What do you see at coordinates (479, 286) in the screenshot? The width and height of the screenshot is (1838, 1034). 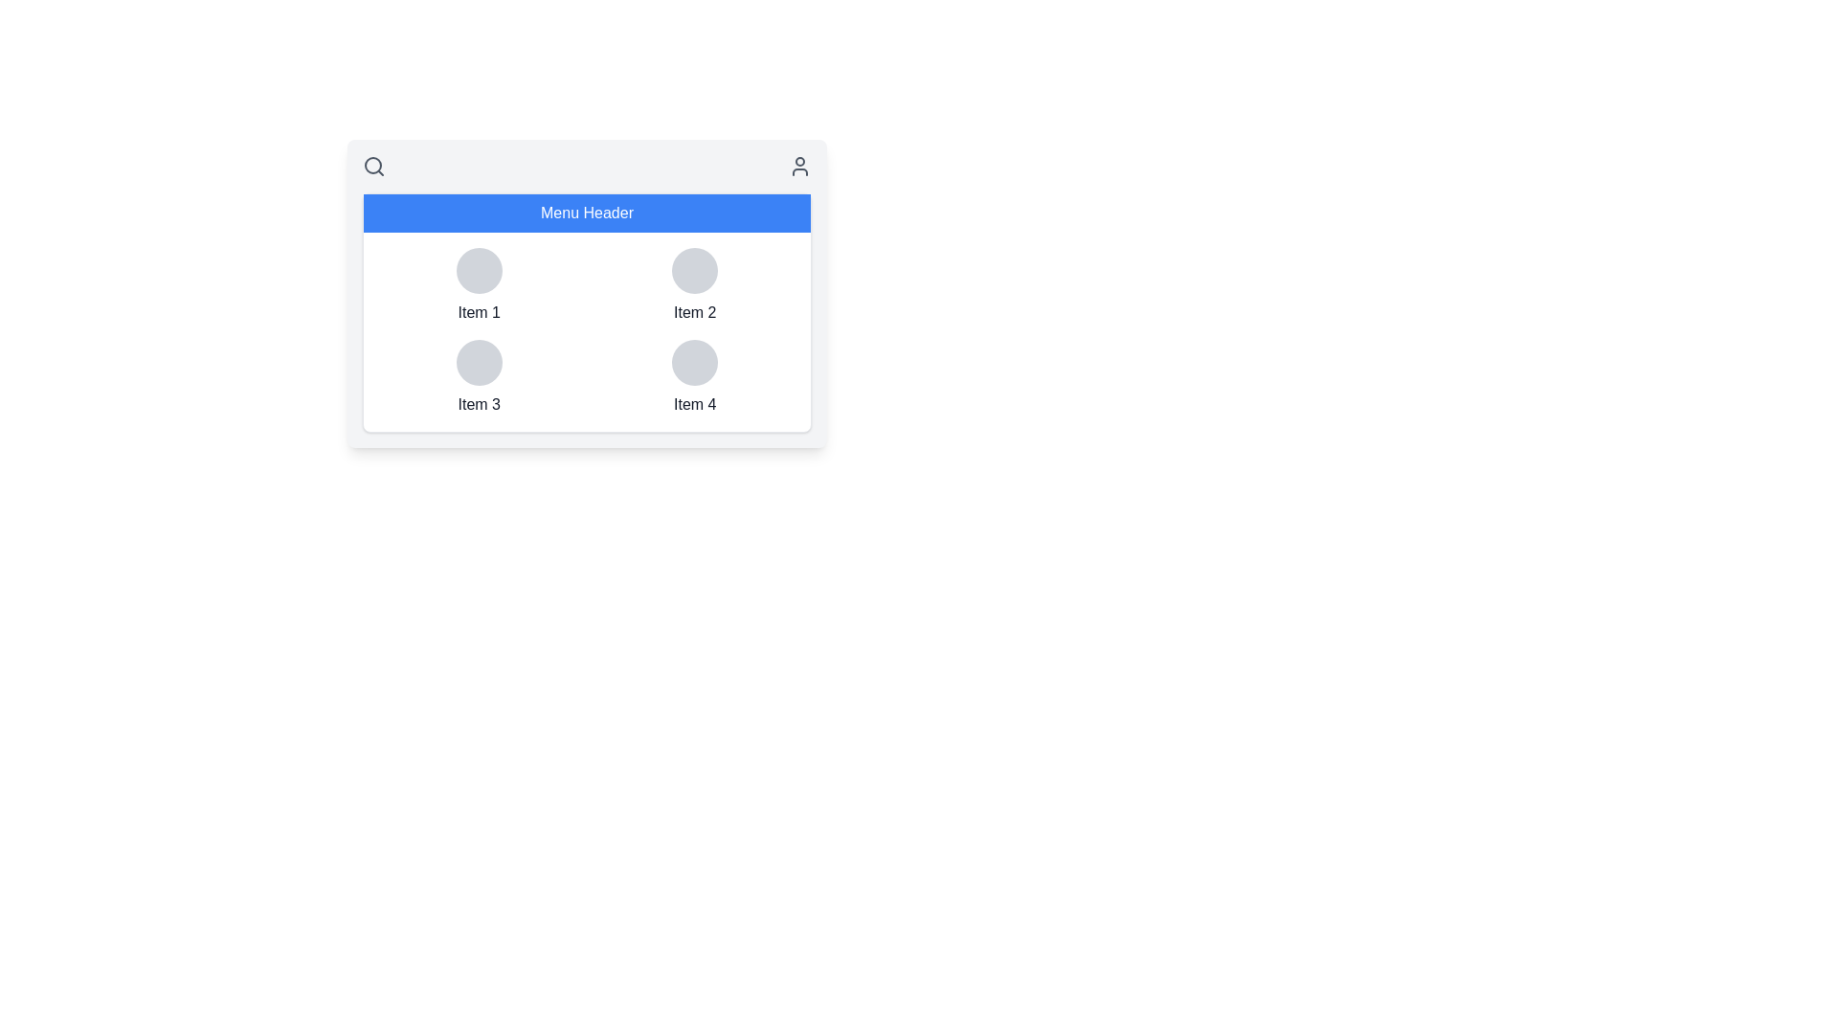 I see `the circular icon with a gray background and the text label 'Item 1' in the top-left corner of the 2x2 grid layout` at bounding box center [479, 286].